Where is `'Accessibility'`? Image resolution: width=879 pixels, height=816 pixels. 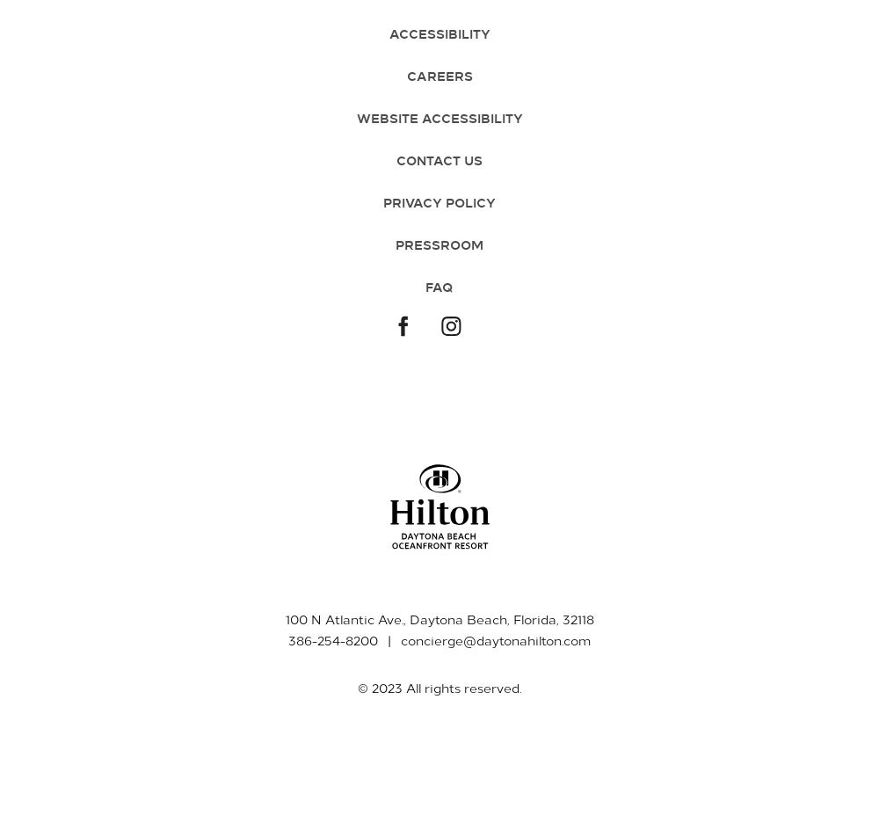 'Accessibility' is located at coordinates (388, 32).